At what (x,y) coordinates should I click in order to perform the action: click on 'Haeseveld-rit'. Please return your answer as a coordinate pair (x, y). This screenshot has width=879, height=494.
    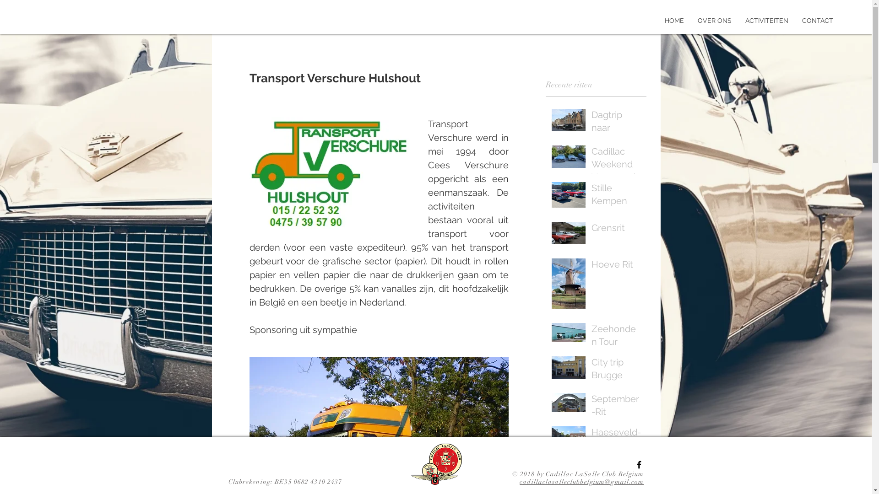
    Looking at the image, I should click on (616, 440).